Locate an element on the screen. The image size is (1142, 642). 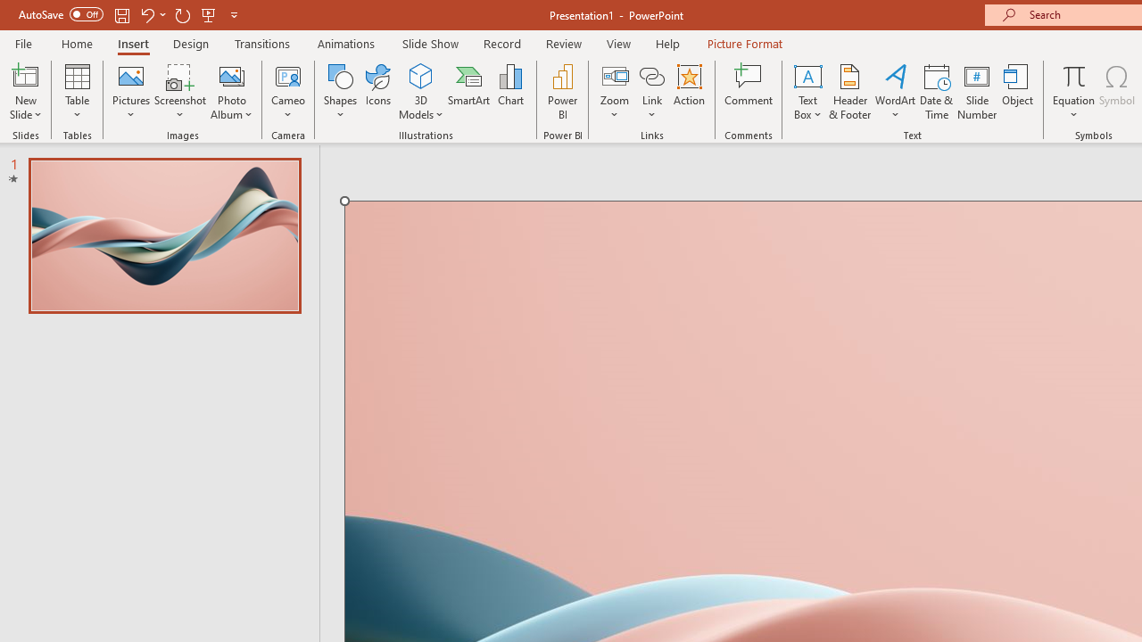
'Equation' is located at coordinates (1072, 92).